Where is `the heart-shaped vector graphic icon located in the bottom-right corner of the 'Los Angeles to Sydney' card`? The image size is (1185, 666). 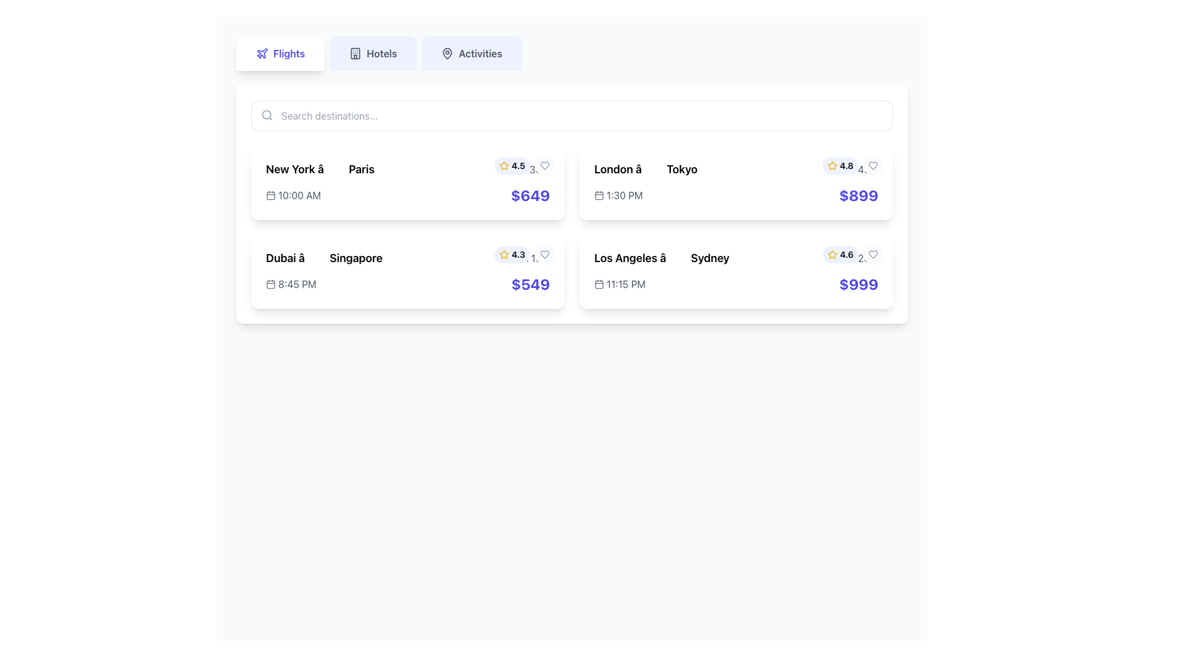
the heart-shaped vector graphic icon located in the bottom-right corner of the 'Los Angeles to Sydney' card is located at coordinates (873, 253).